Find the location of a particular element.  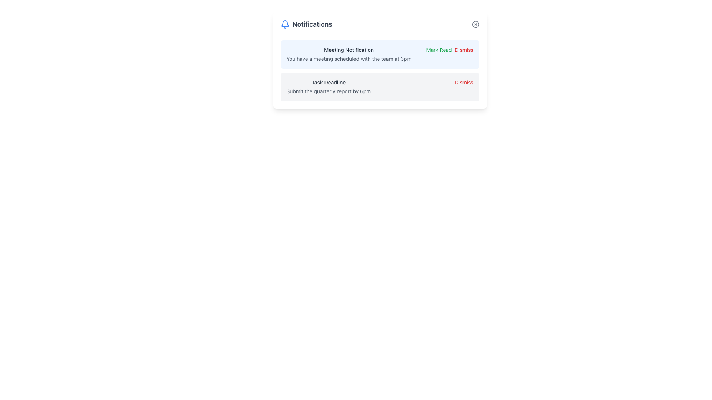

information displayed in the informational text block located below the header of the notification popup, which is the second notification in the list is located at coordinates (328, 87).